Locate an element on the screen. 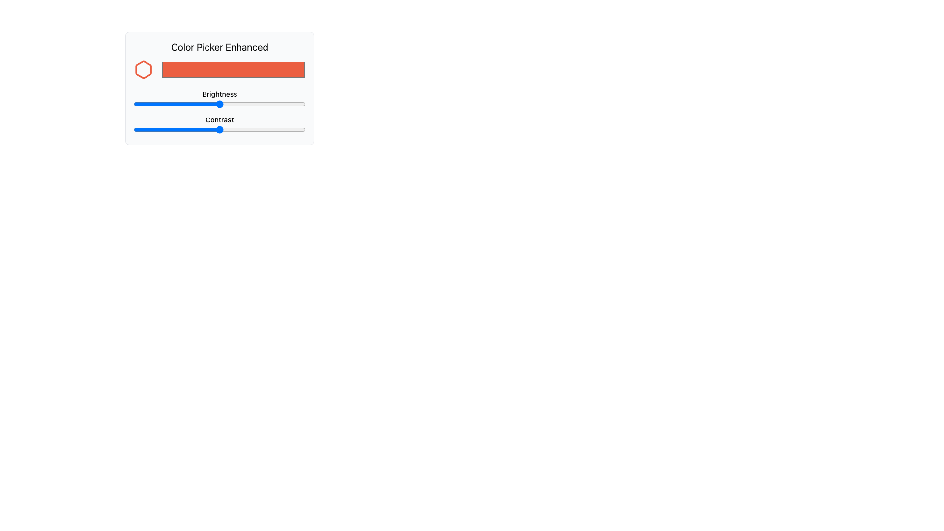 This screenshot has height=531, width=944. contrast is located at coordinates (183, 129).